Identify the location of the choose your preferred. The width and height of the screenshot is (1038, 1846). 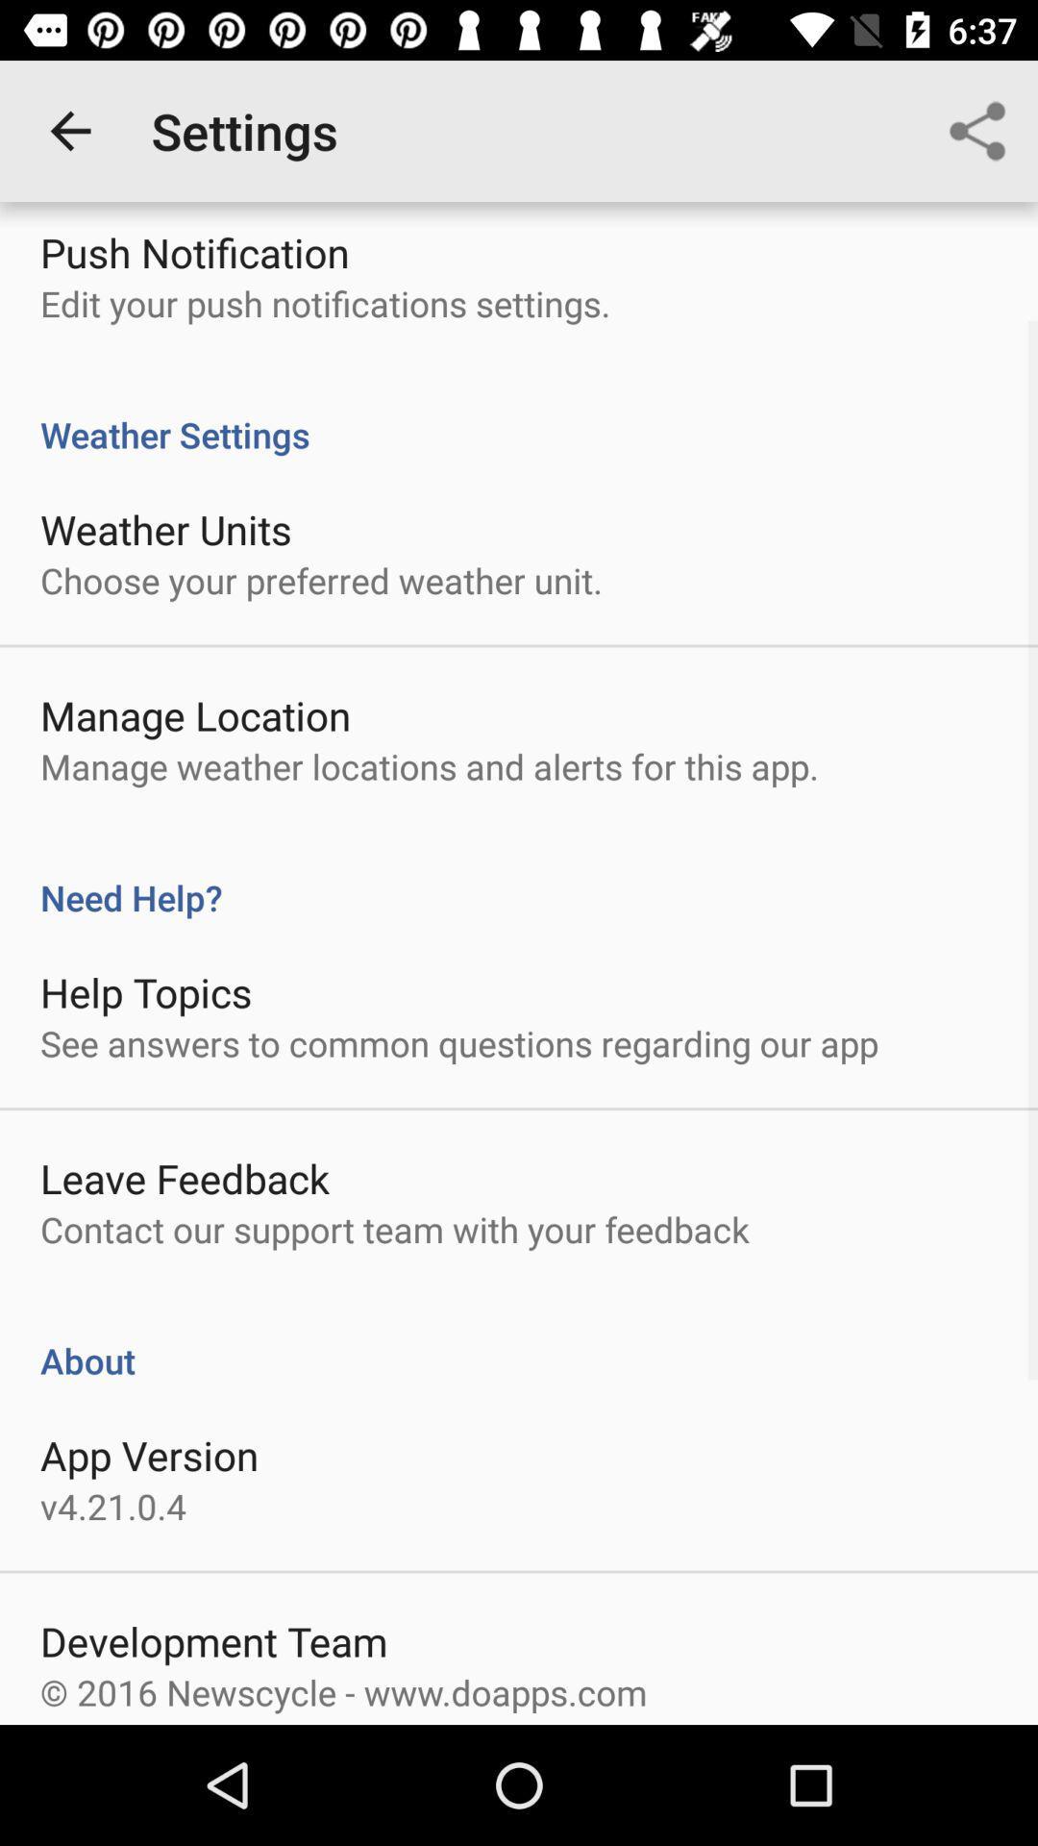
(320, 579).